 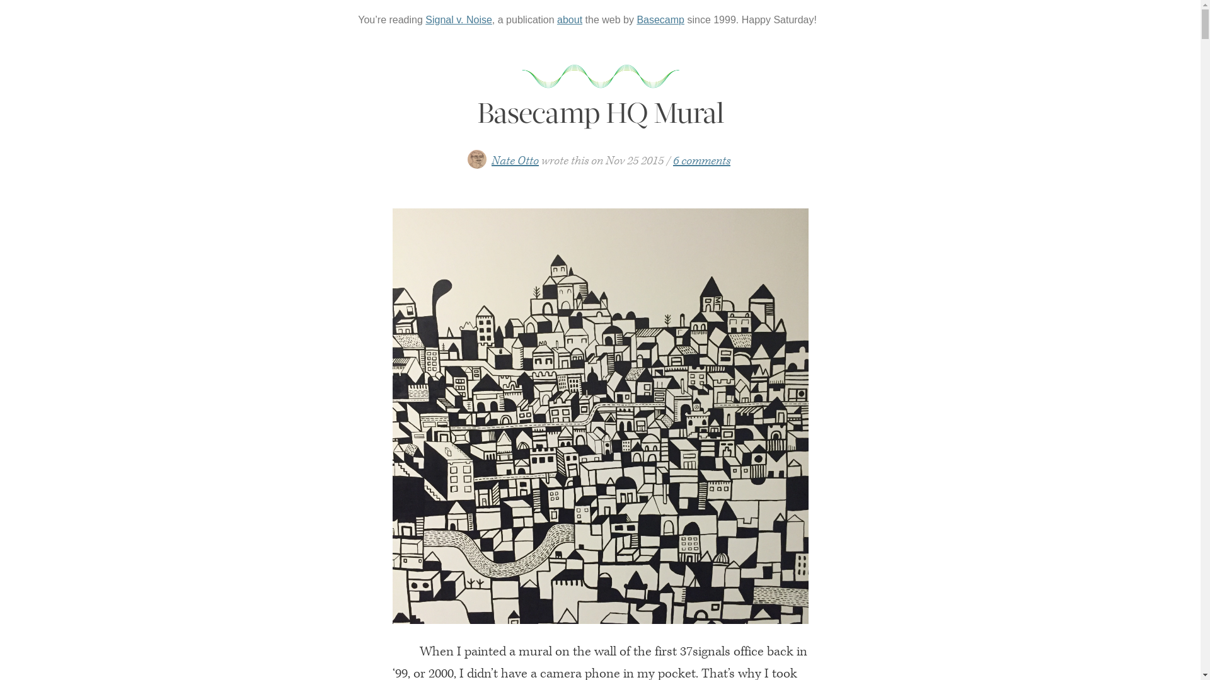 I want to click on 'Nate Otto', so click(x=515, y=160).